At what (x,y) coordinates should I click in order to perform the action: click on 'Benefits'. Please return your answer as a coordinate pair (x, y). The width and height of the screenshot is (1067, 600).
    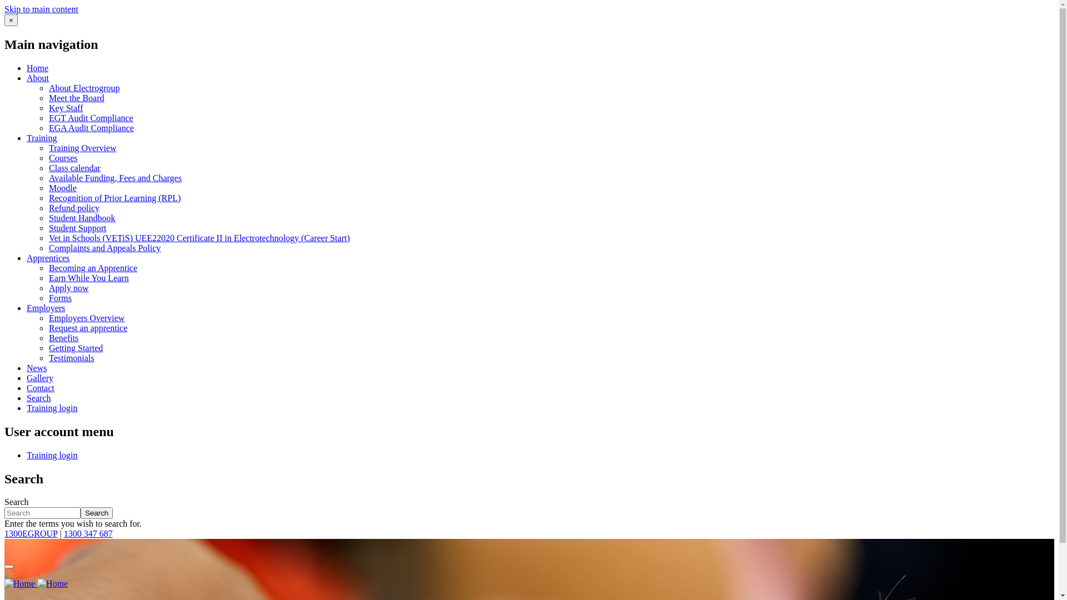
    Looking at the image, I should click on (63, 337).